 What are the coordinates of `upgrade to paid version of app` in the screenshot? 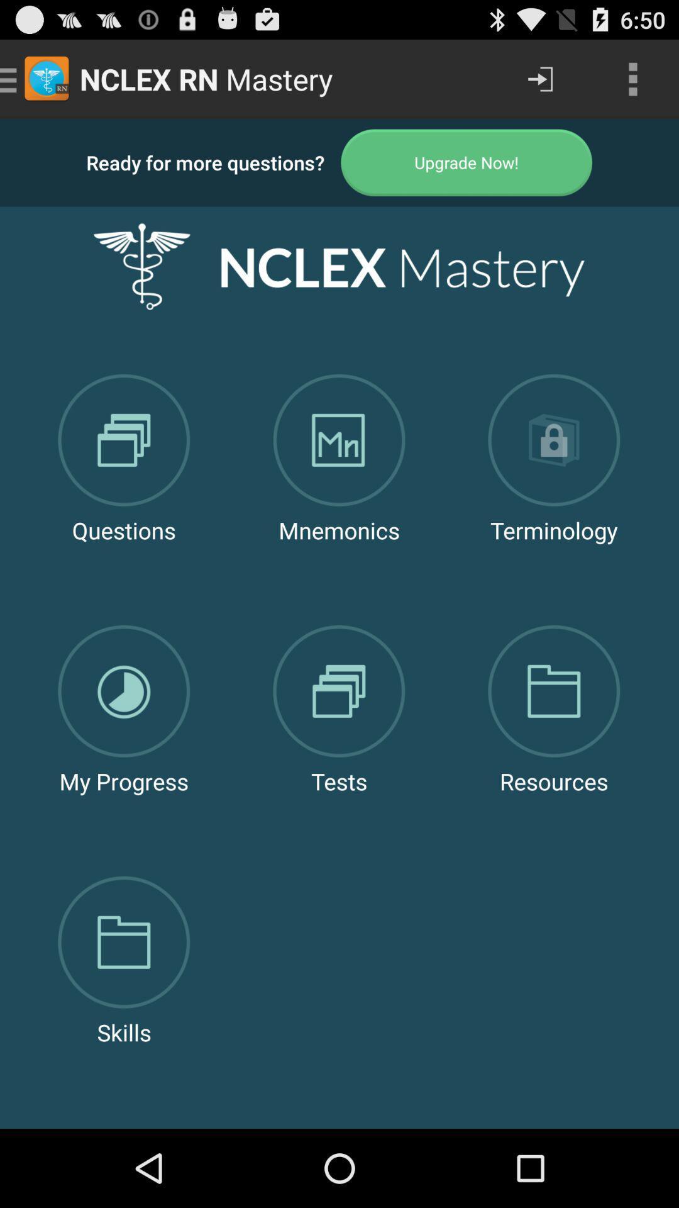 It's located at (466, 162).